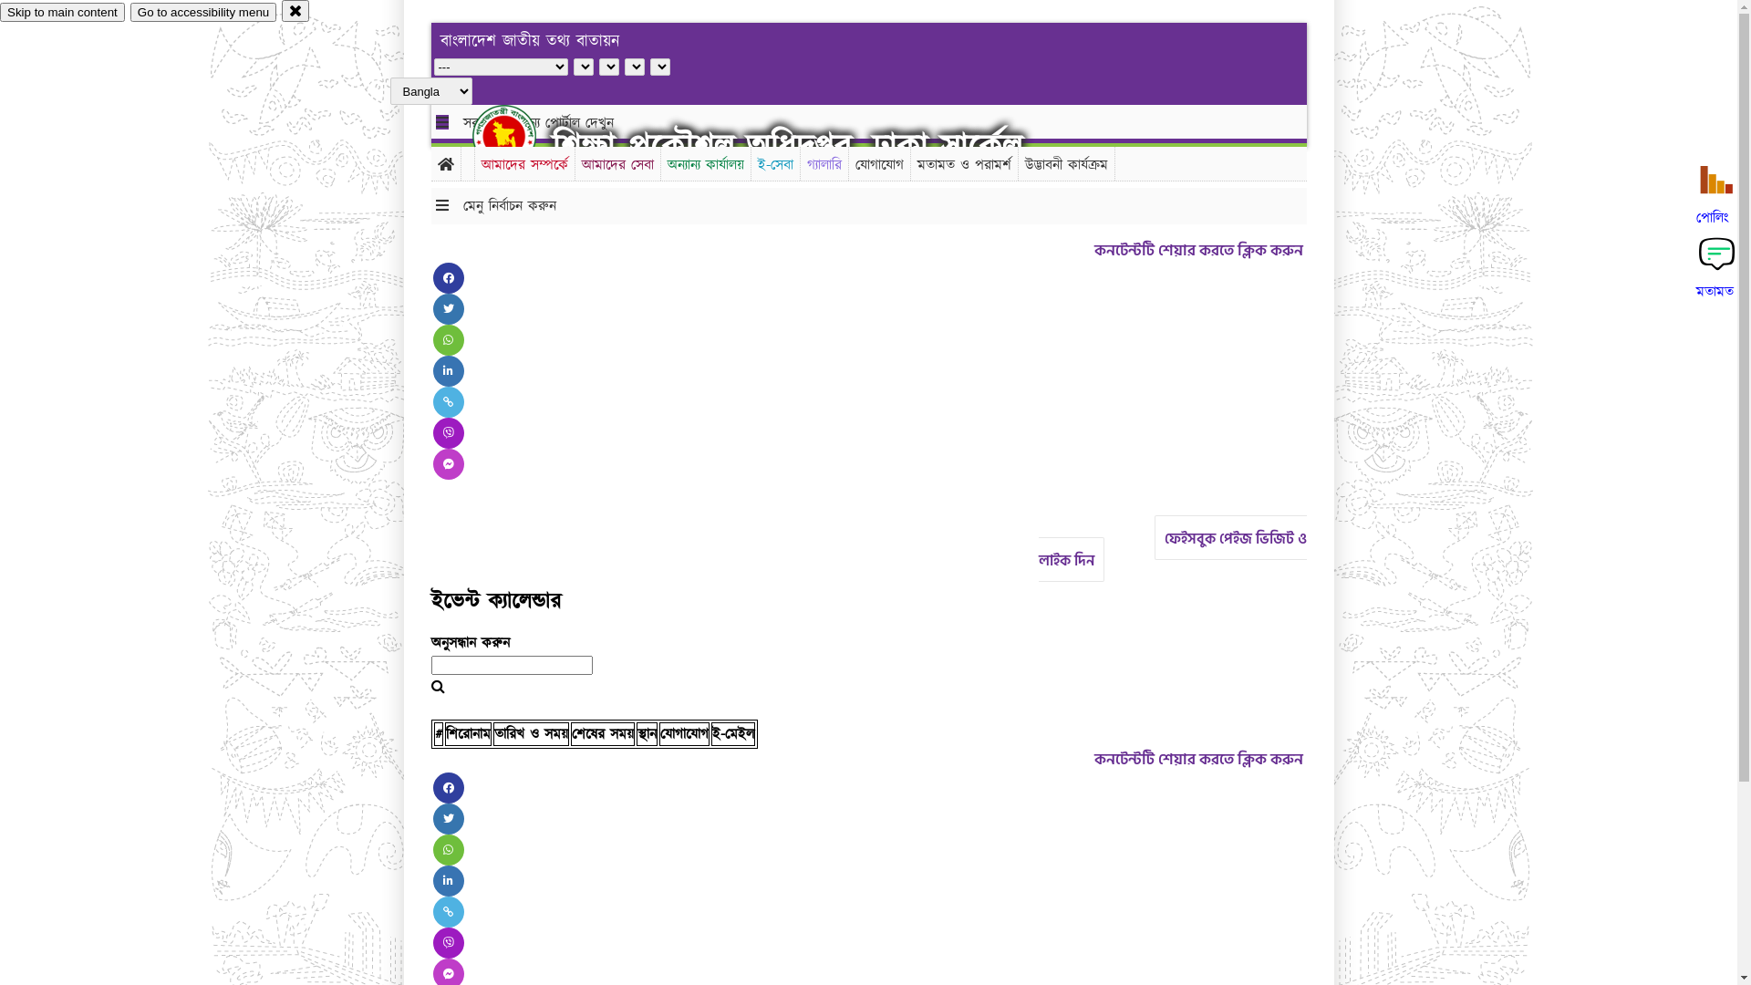 This screenshot has height=985, width=1751. What do you see at coordinates (519, 135) in the screenshot?
I see `'` at bounding box center [519, 135].